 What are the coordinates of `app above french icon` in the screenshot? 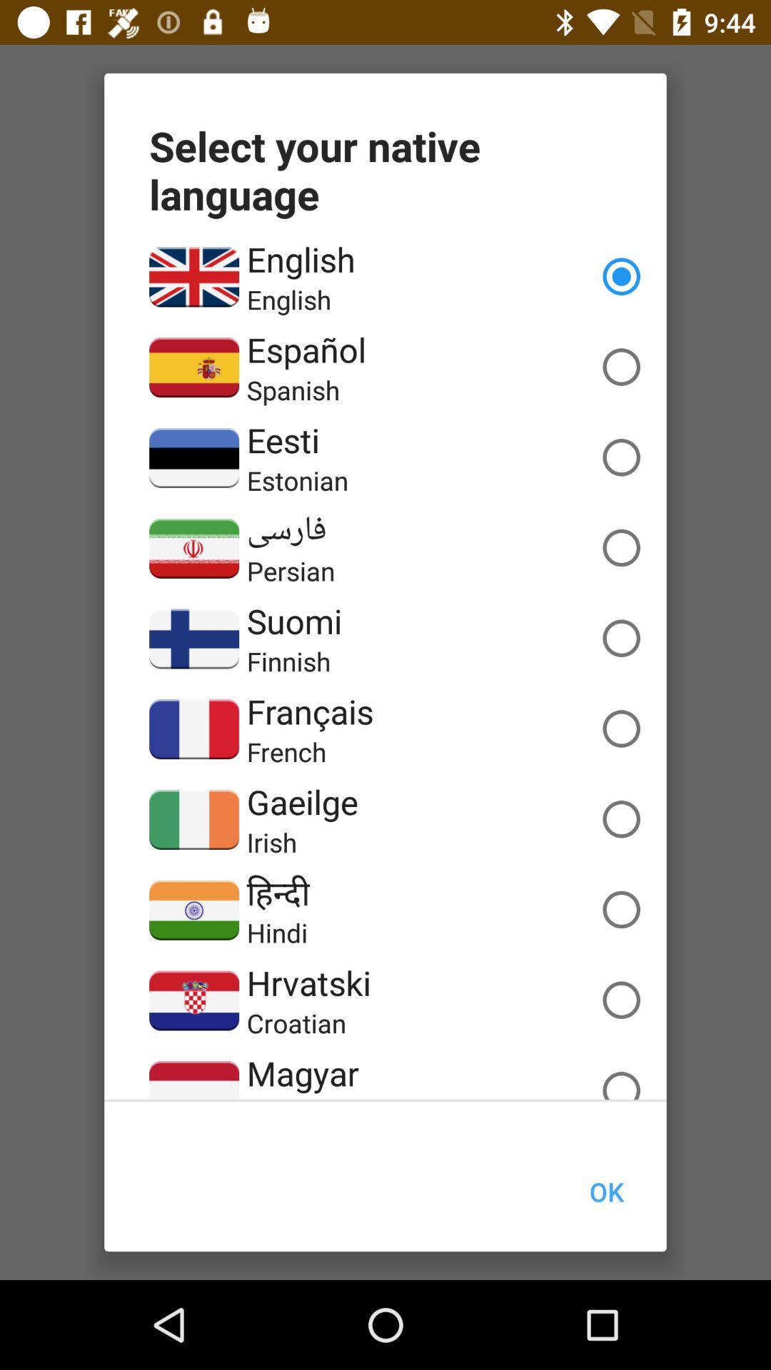 It's located at (309, 711).